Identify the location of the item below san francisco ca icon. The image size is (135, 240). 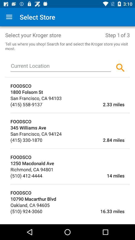
(26, 140).